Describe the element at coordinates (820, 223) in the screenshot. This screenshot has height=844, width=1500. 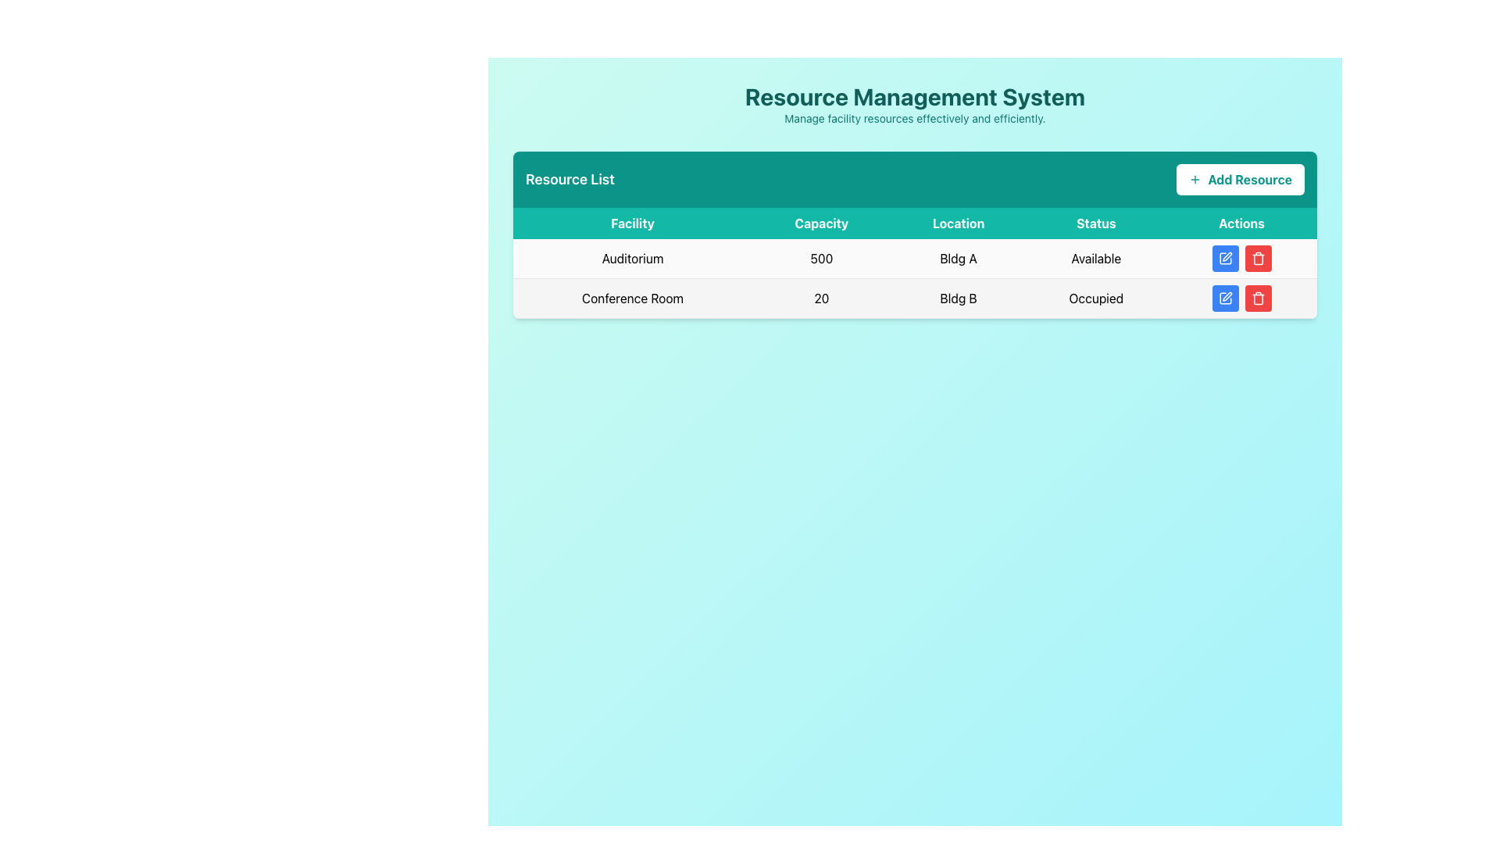
I see `the 'Capacity' column header in the table, which is the second header in a row of headers labeled 'Facility', 'Capacity', 'Location', 'Status', and 'Actions'` at that location.